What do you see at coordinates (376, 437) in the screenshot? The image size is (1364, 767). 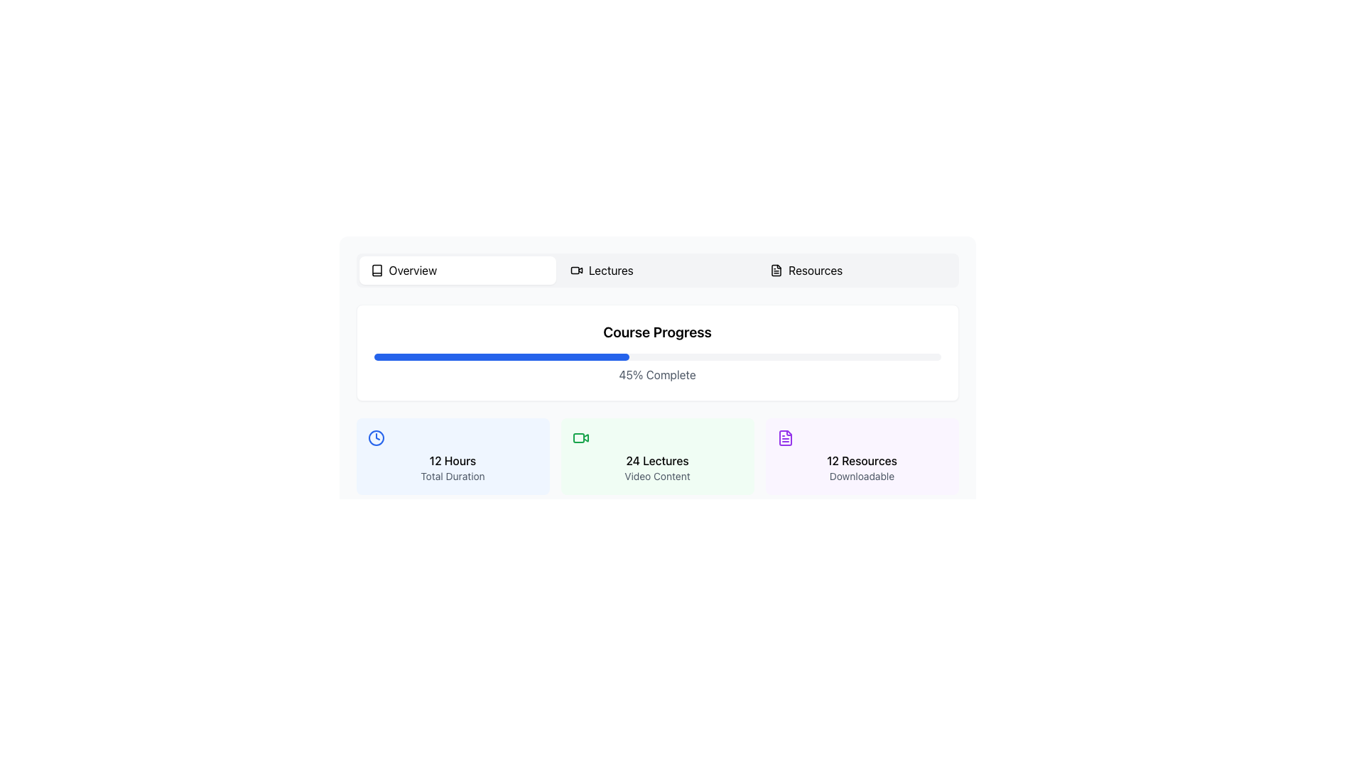 I see `the clock-shaped icon with a blue outline located in the top-left section of the card displaying '12 Hours' and 'Total Duration'` at bounding box center [376, 437].